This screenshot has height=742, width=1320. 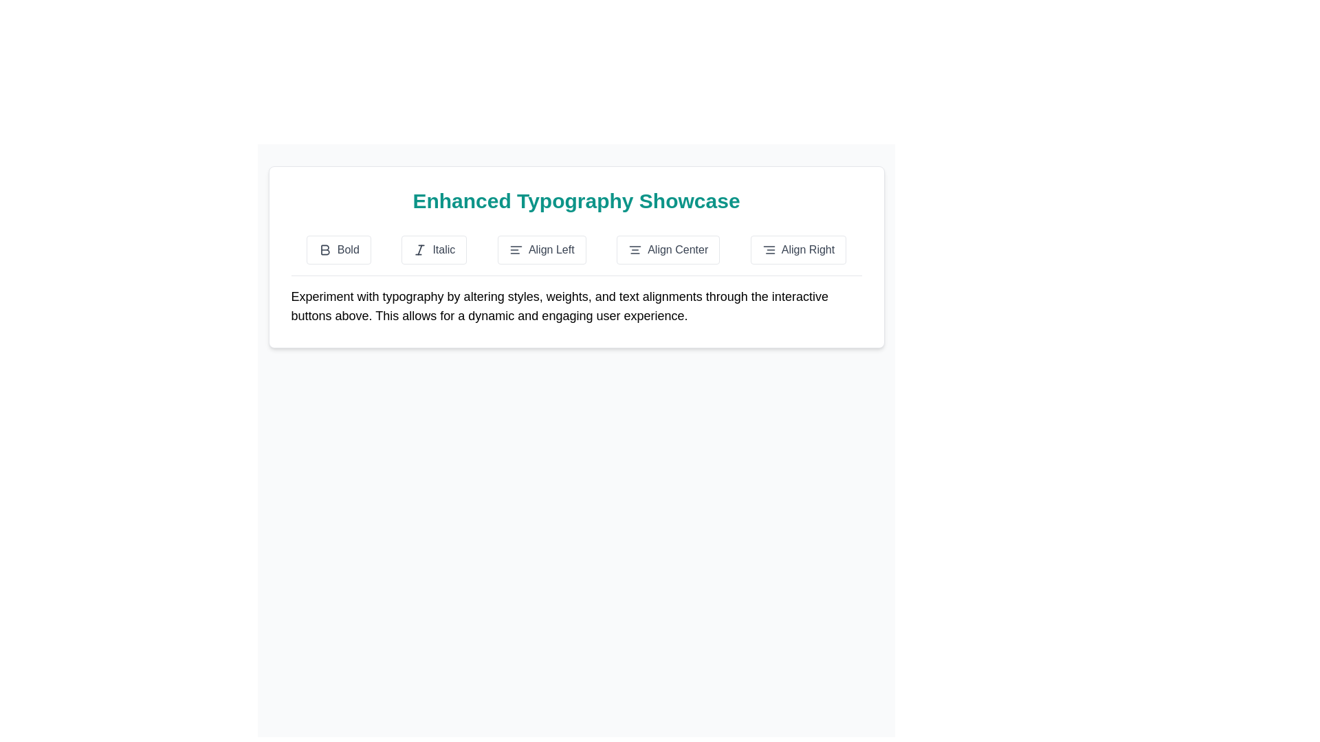 I want to click on the SVG icon button that toggles bold text styling, located at the top-left of the control panel below 'Enhanced Typography Showcase', so click(x=324, y=249).